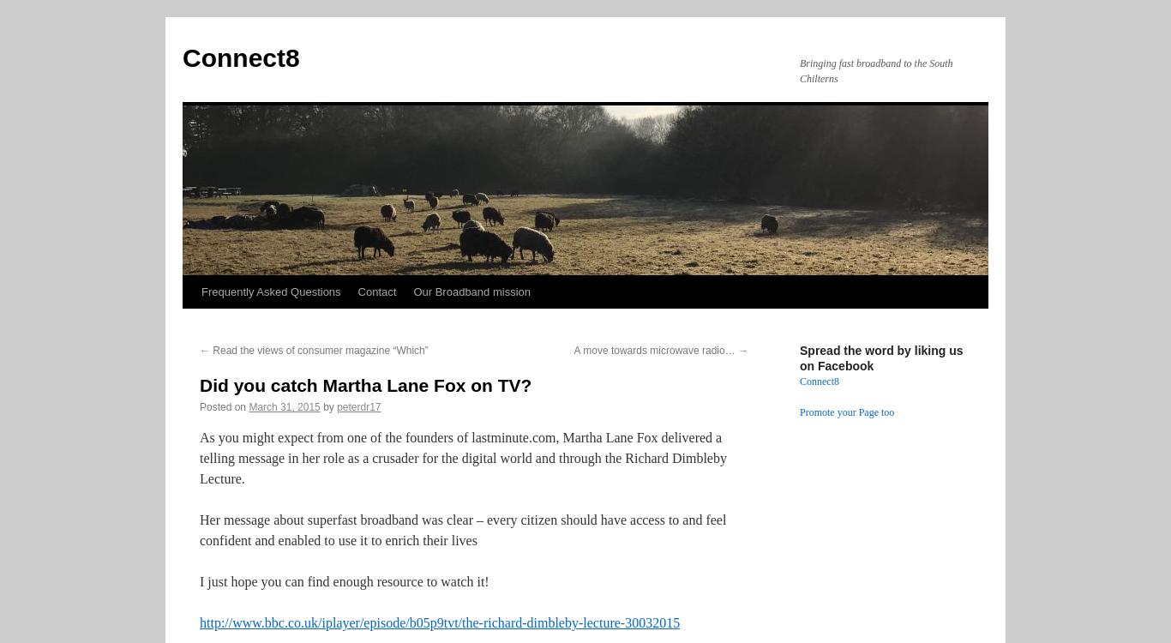 The width and height of the screenshot is (1171, 643). I want to click on 'http://www.bbc.co.uk/iplayer/episode/b05p9tvt/the-richard-dimbleby-lecture-30032015', so click(439, 622).